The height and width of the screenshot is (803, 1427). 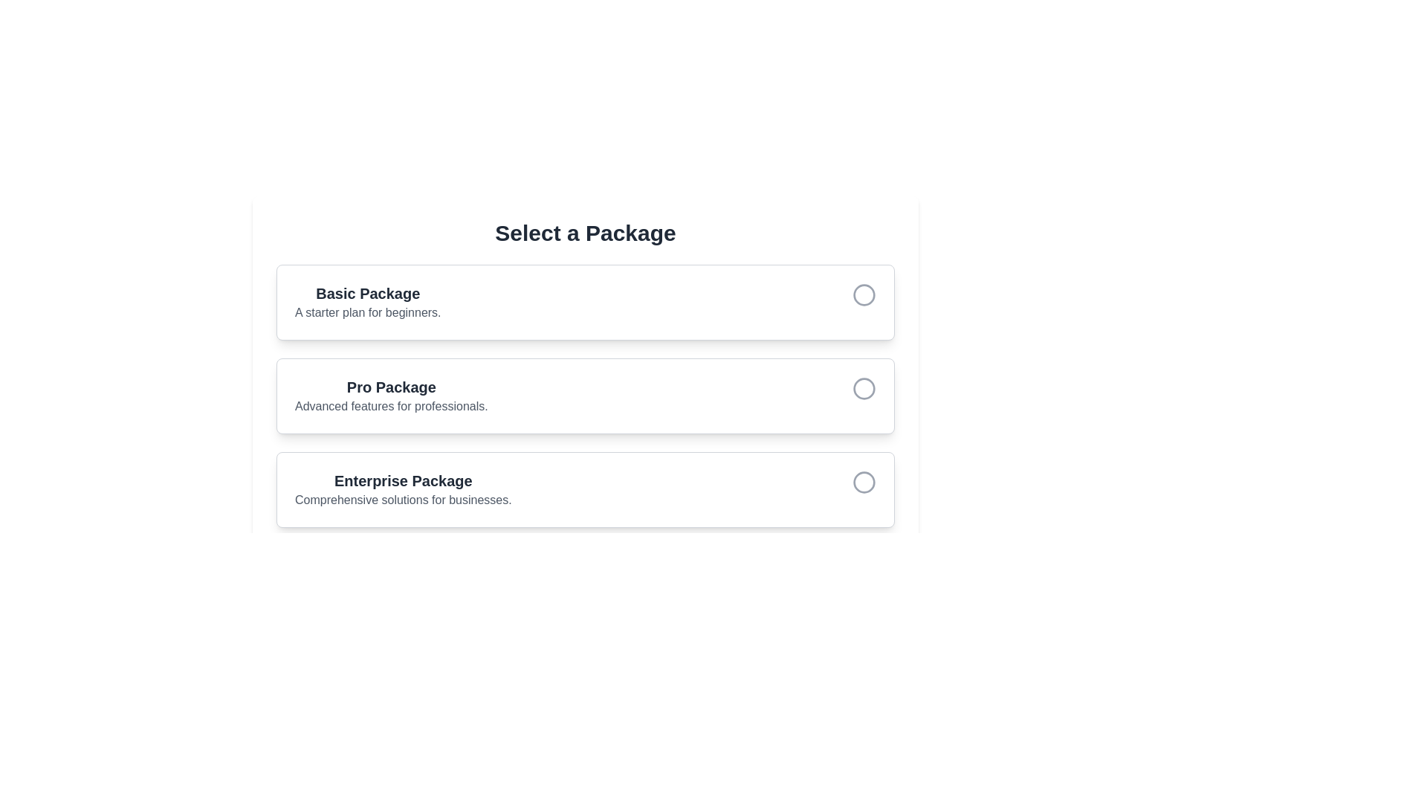 What do you see at coordinates (391, 386) in the screenshot?
I see `the text element displaying 'Pro Package', which is located at the top of the second package card in a vertically aligned list of three options` at bounding box center [391, 386].